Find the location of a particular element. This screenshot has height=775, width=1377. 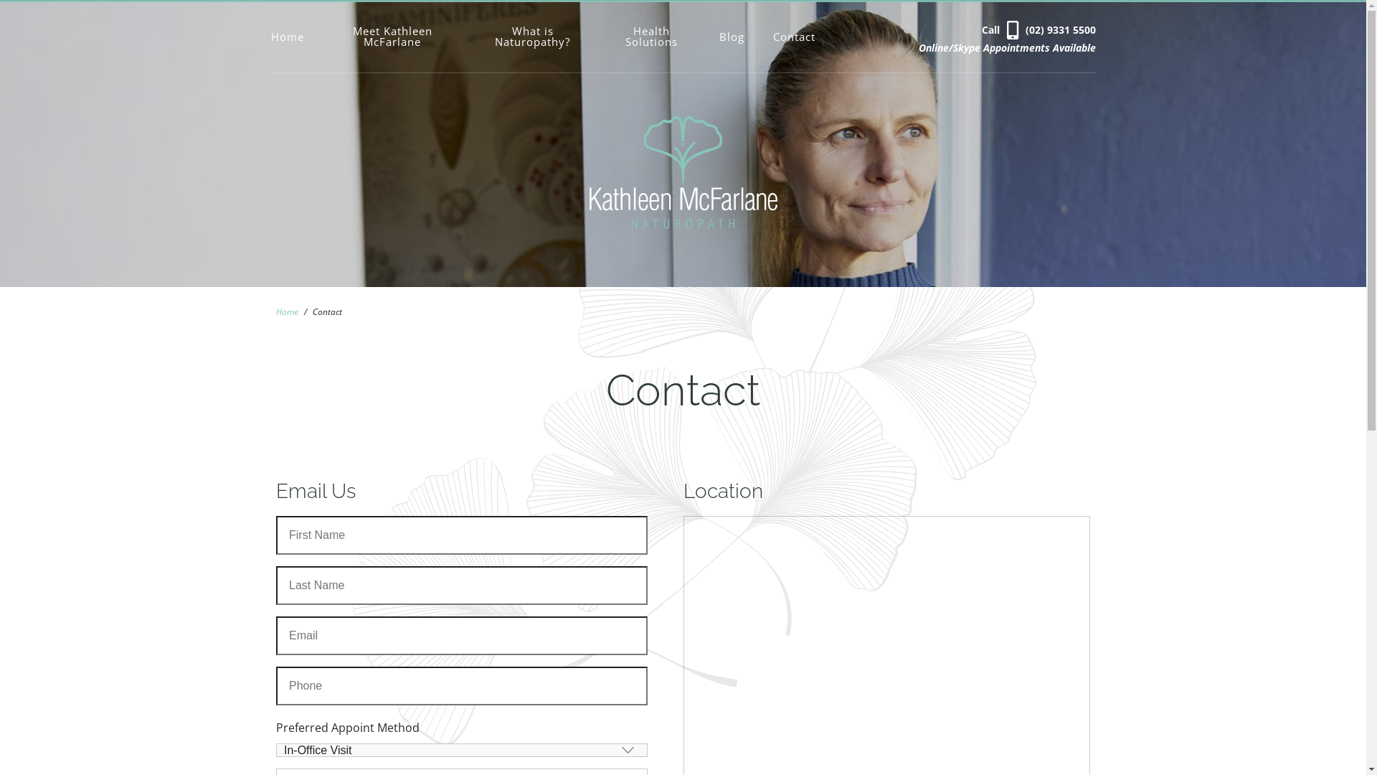

'Blog' is located at coordinates (732, 36).